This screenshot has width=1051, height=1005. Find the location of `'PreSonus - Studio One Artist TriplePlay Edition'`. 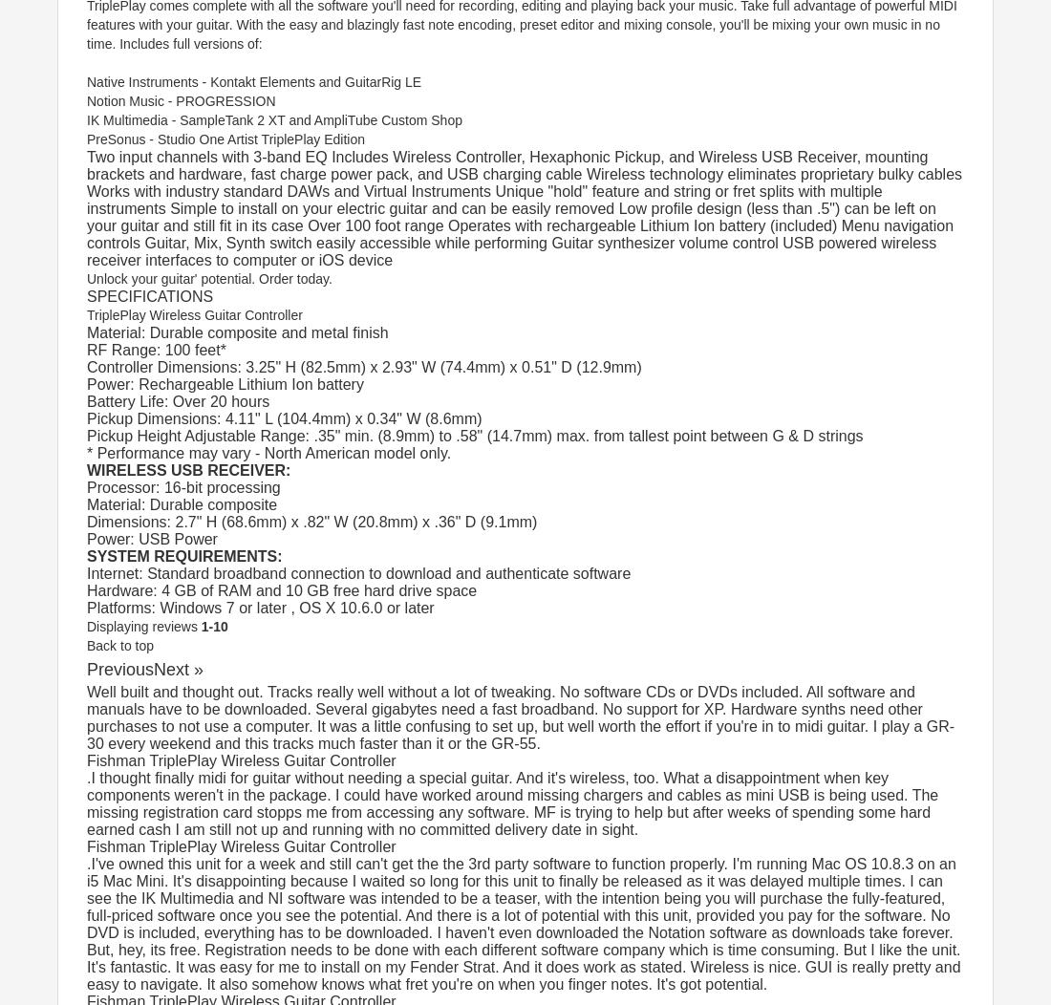

'PreSonus - Studio One Artist TriplePlay Edition' is located at coordinates (225, 139).